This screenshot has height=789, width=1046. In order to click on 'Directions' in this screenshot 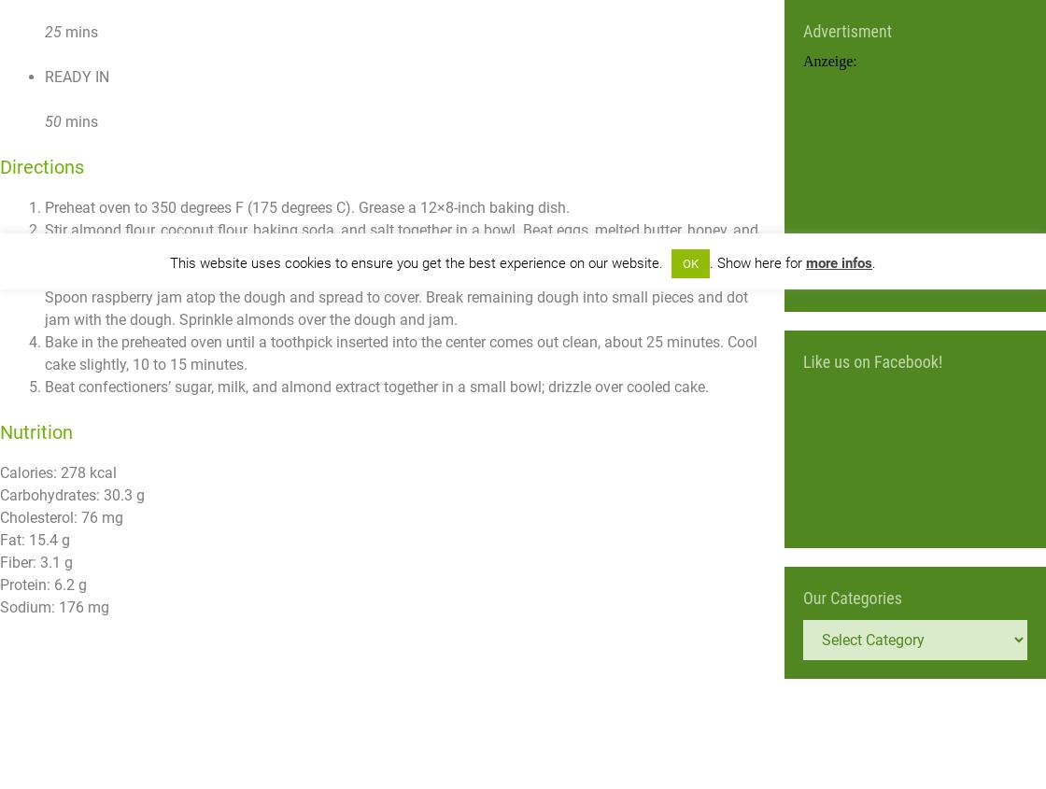, I will do `click(42, 165)`.